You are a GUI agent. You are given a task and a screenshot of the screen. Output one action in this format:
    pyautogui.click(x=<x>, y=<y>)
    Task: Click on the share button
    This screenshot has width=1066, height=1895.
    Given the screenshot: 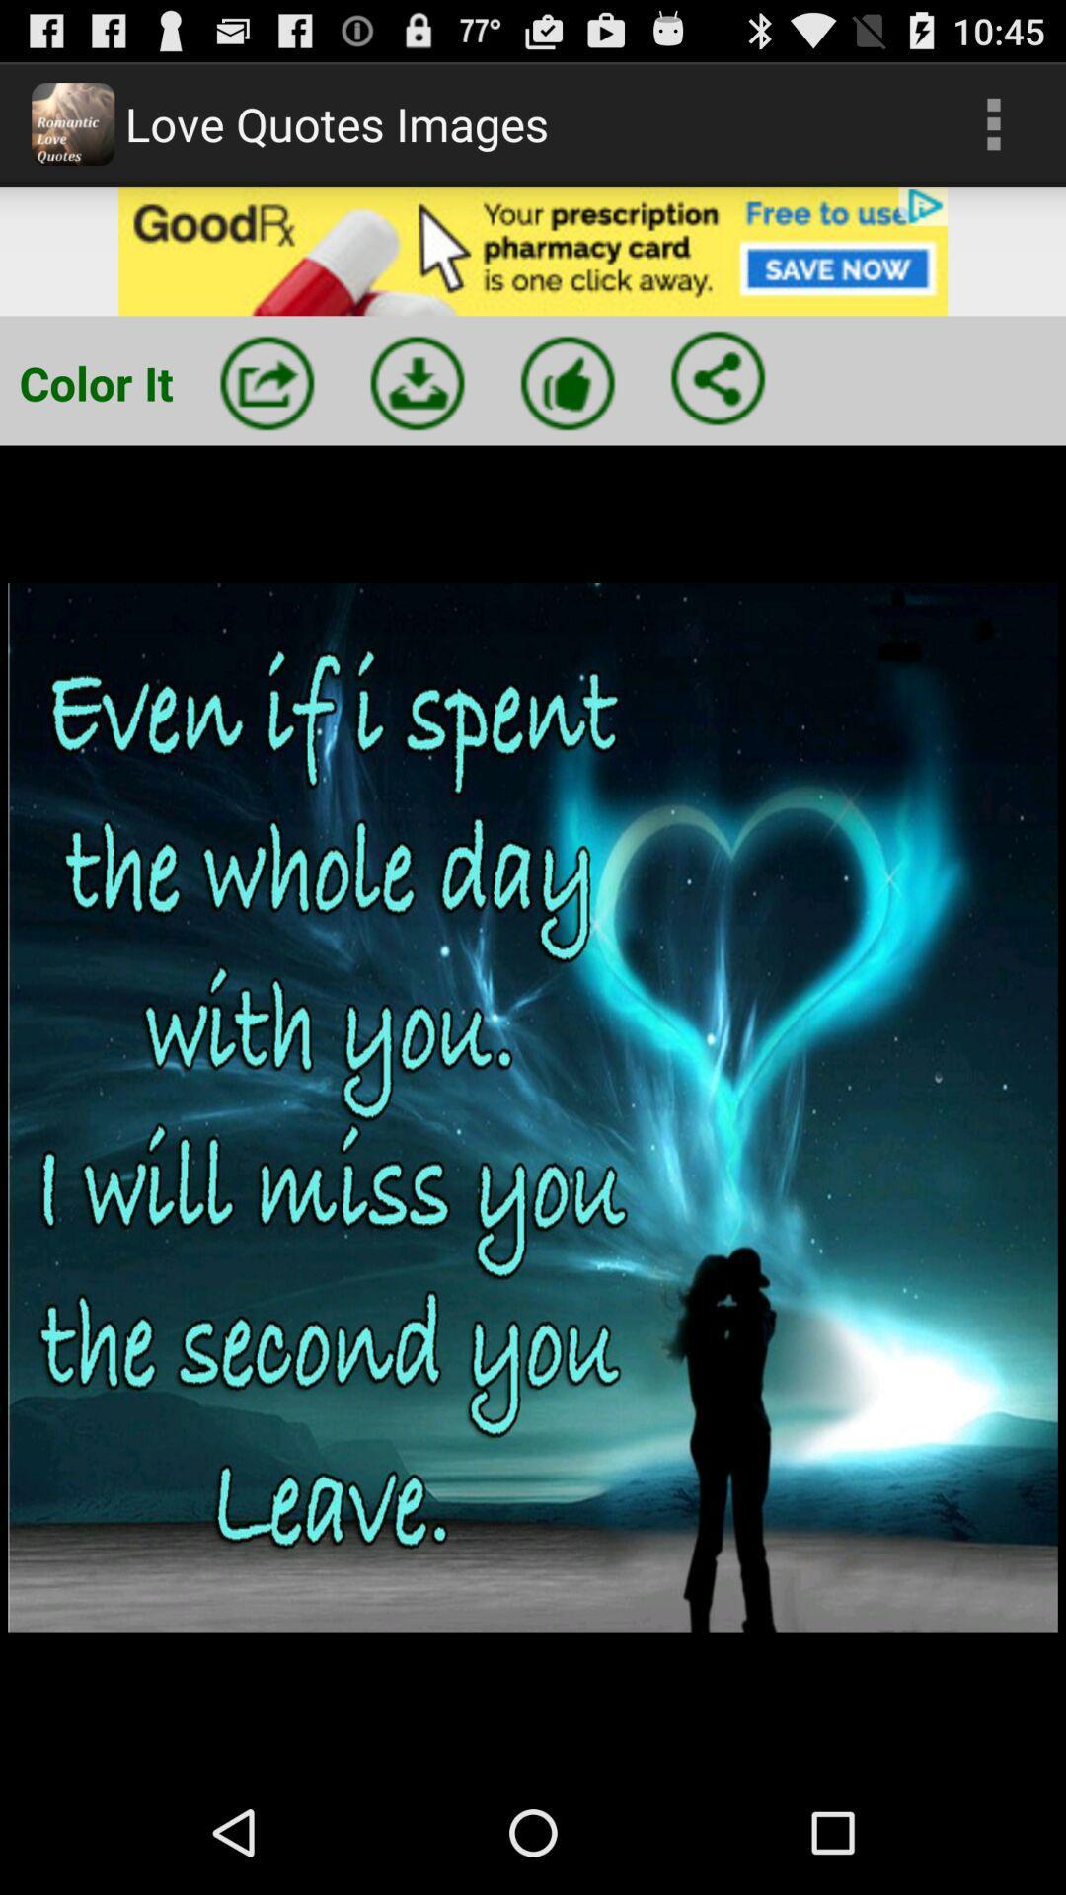 What is the action you would take?
    pyautogui.click(x=266, y=383)
    